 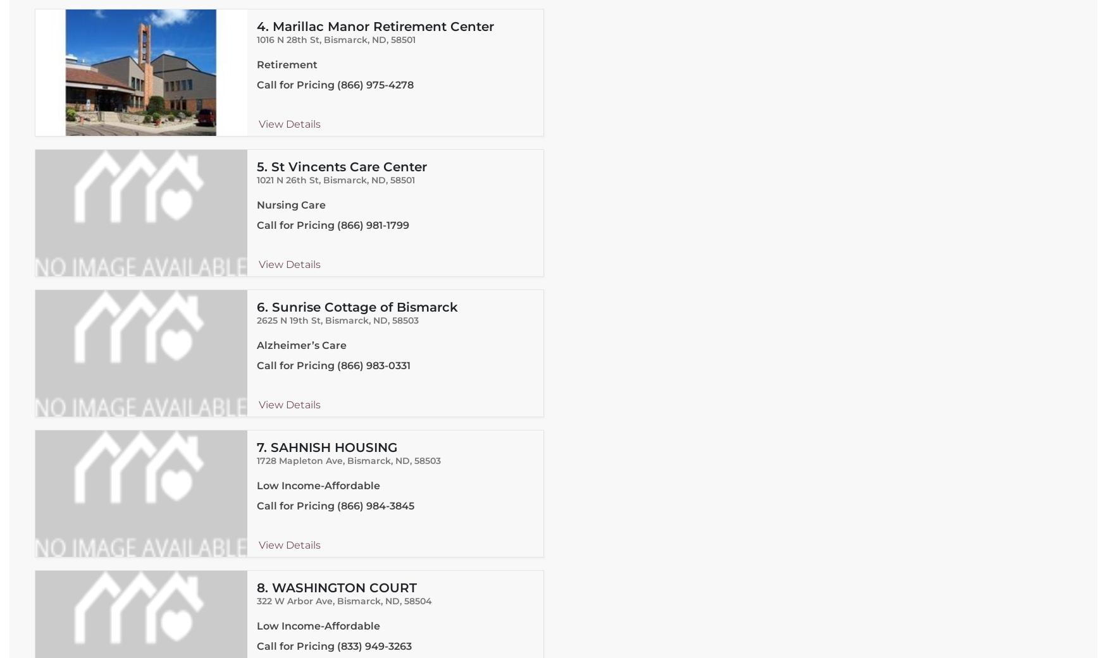 I want to click on 'WASHINGTON COURT', so click(x=343, y=587).